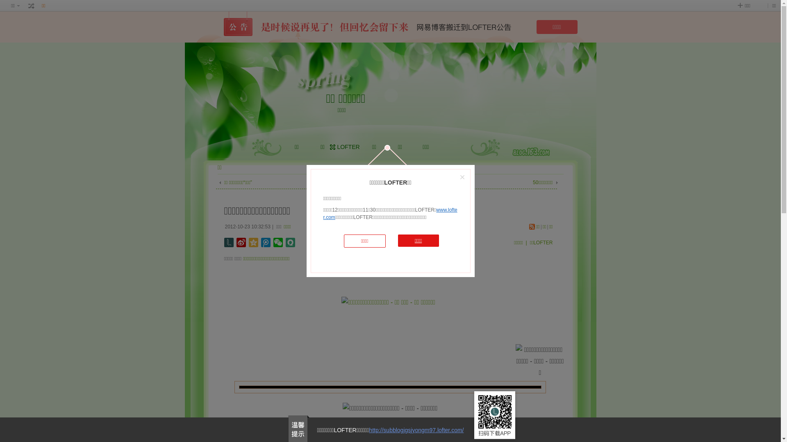 The width and height of the screenshot is (787, 442). I want to click on 'http://subblogjgsjyongm97.lofter.com/', so click(416, 429).